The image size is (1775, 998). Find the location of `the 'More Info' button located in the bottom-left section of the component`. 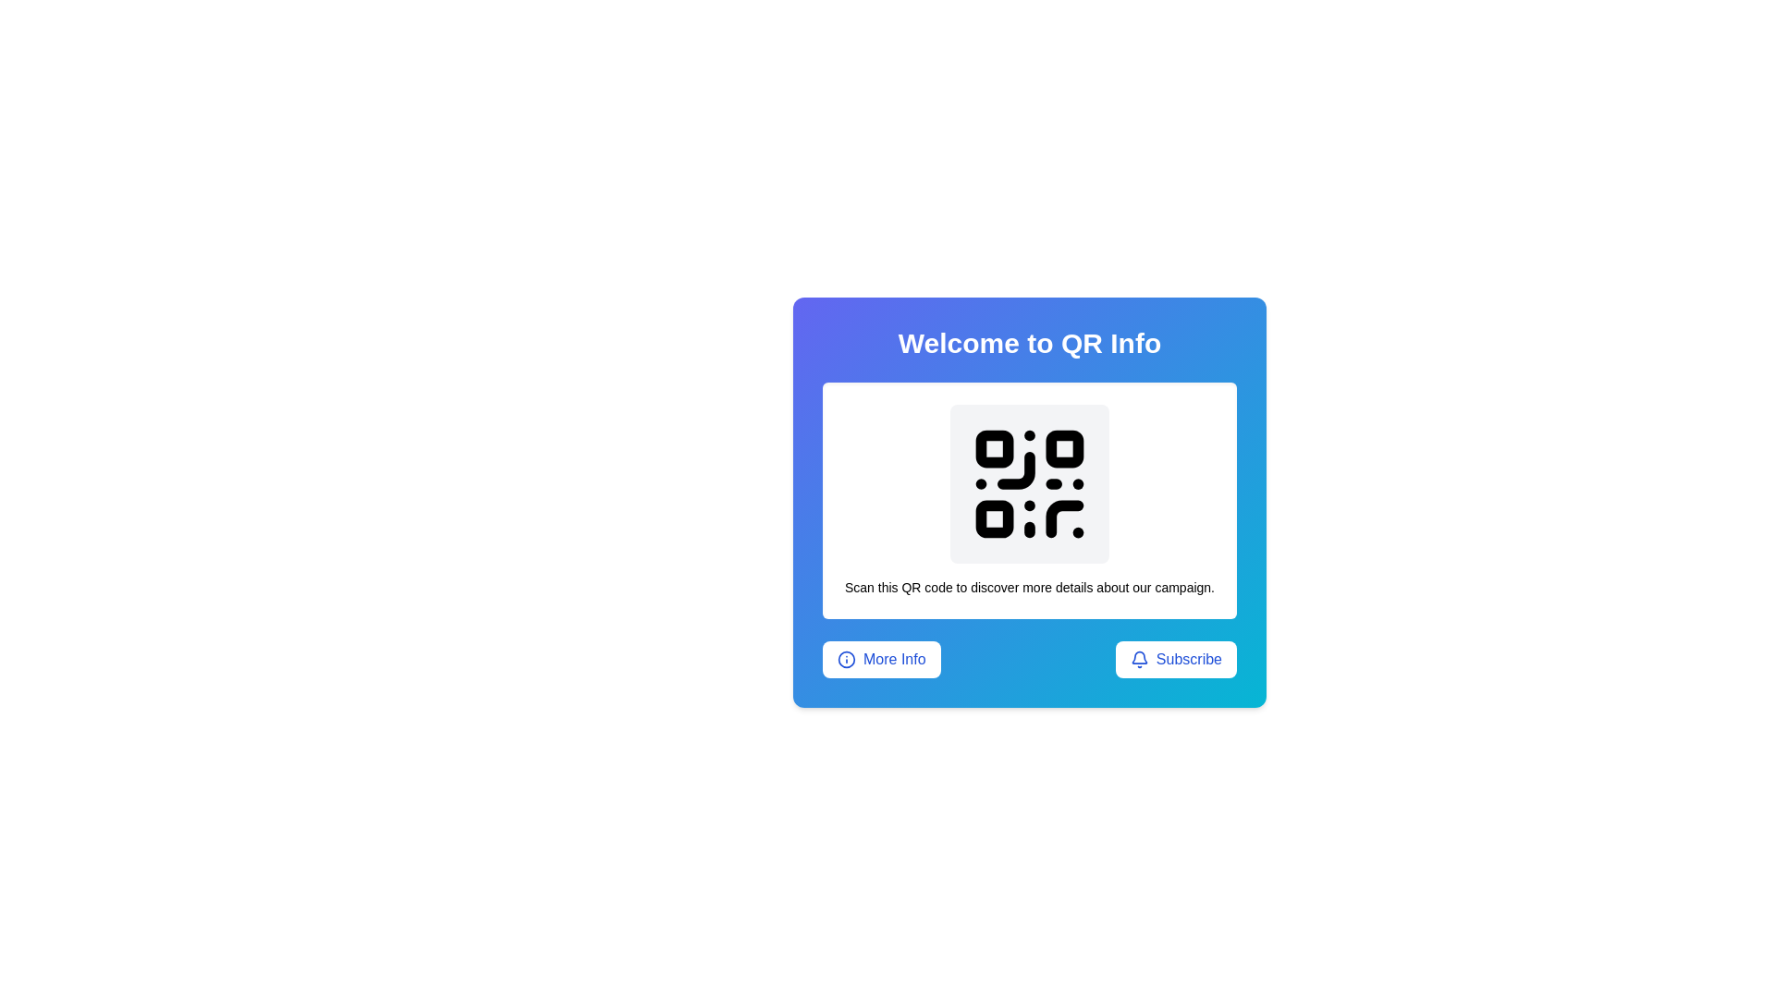

the 'More Info' button located in the bottom-left section of the component is located at coordinates (880, 658).